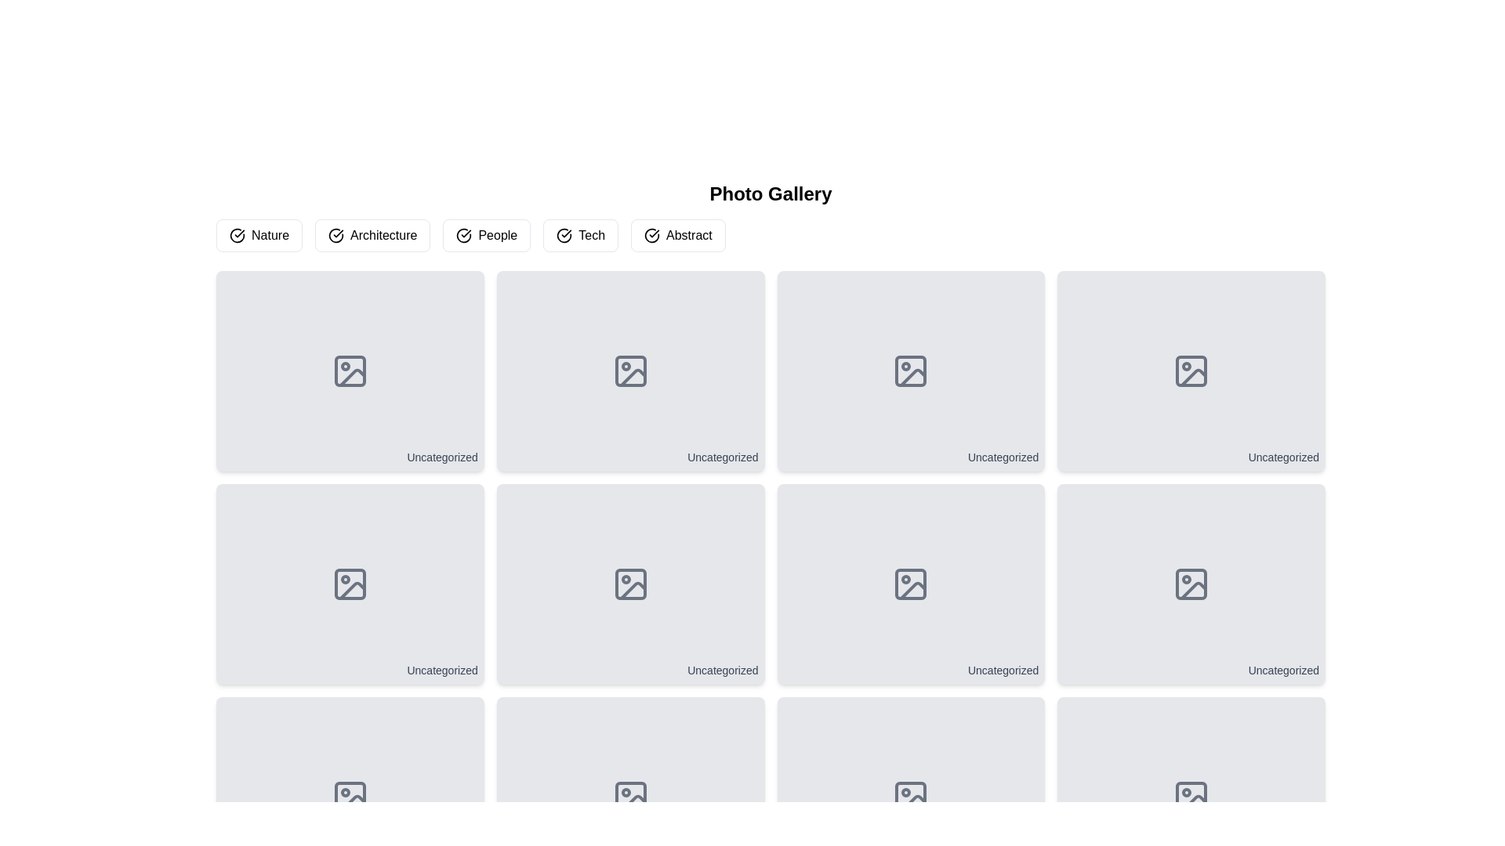  What do you see at coordinates (630, 371) in the screenshot?
I see `the Decorative SVG rectangle that is part of the picture-like icon located in the top row, second column of a grid layout` at bounding box center [630, 371].